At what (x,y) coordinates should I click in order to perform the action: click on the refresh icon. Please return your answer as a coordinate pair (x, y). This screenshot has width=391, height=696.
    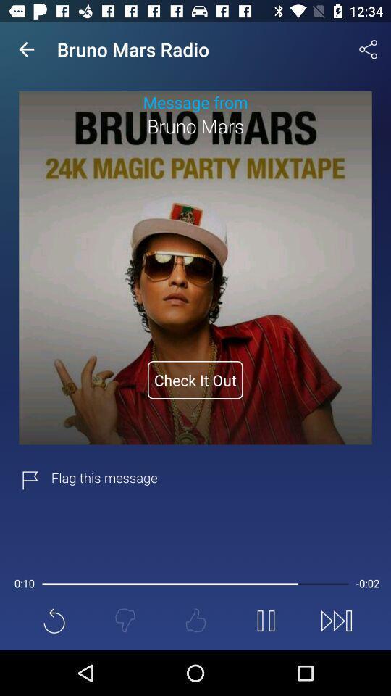
    Looking at the image, I should click on (54, 620).